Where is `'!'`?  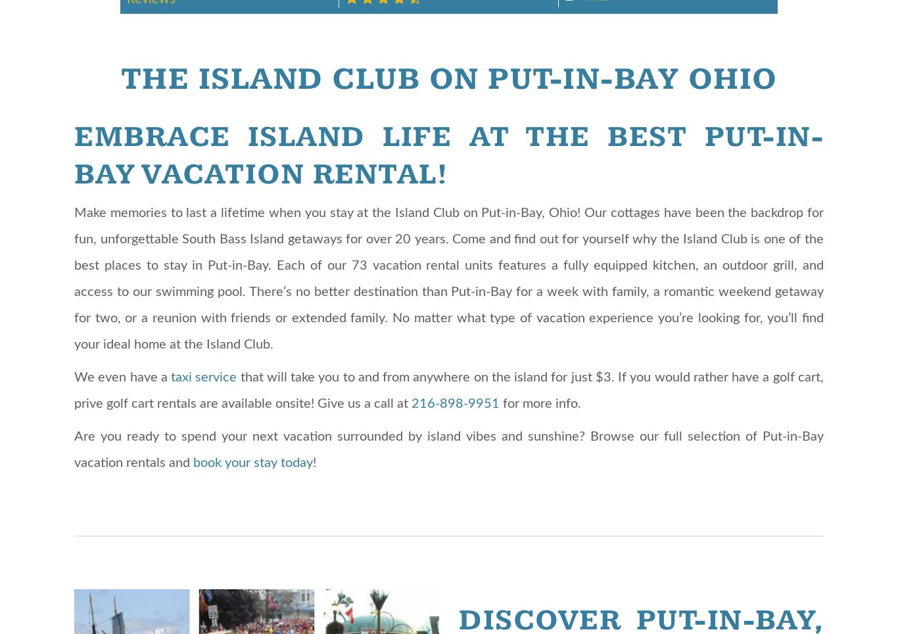
'!' is located at coordinates (313, 462).